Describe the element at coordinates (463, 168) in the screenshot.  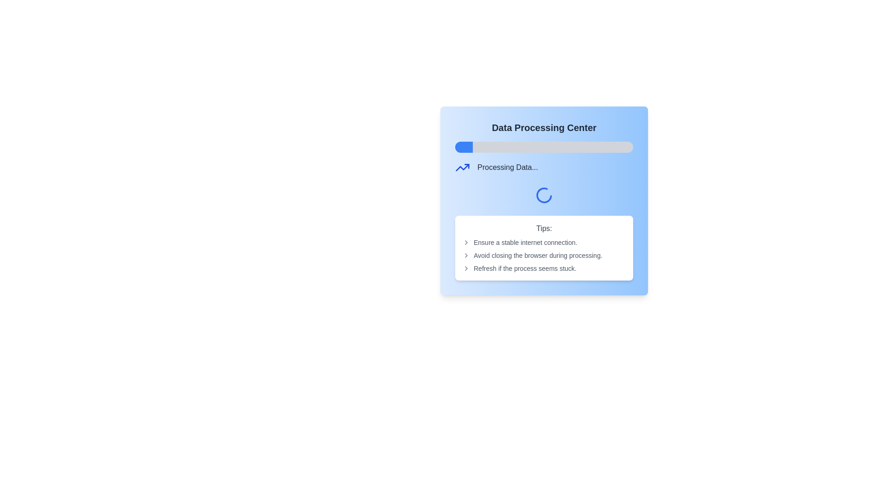
I see `the Icon component representing graphical data trends` at that location.